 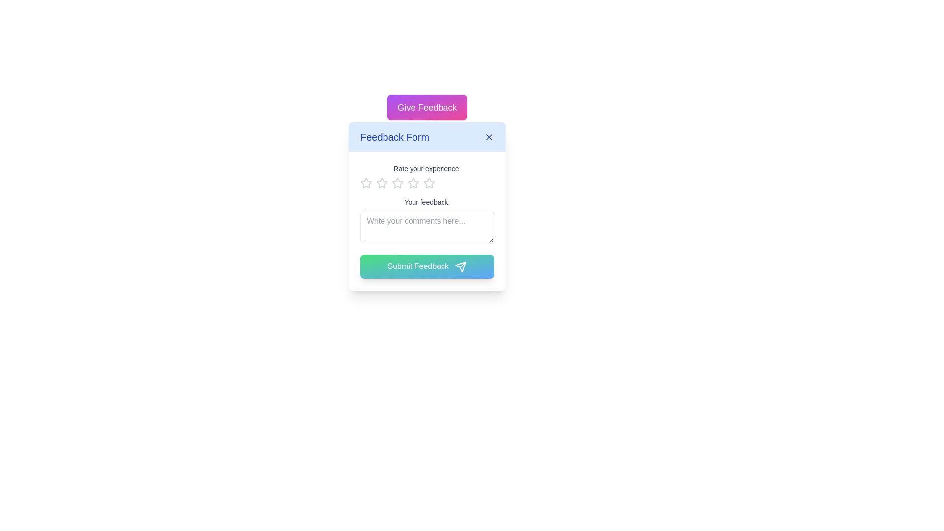 I want to click on the fourth star in the rating system to focus on it using the keyboard, so click(x=413, y=183).